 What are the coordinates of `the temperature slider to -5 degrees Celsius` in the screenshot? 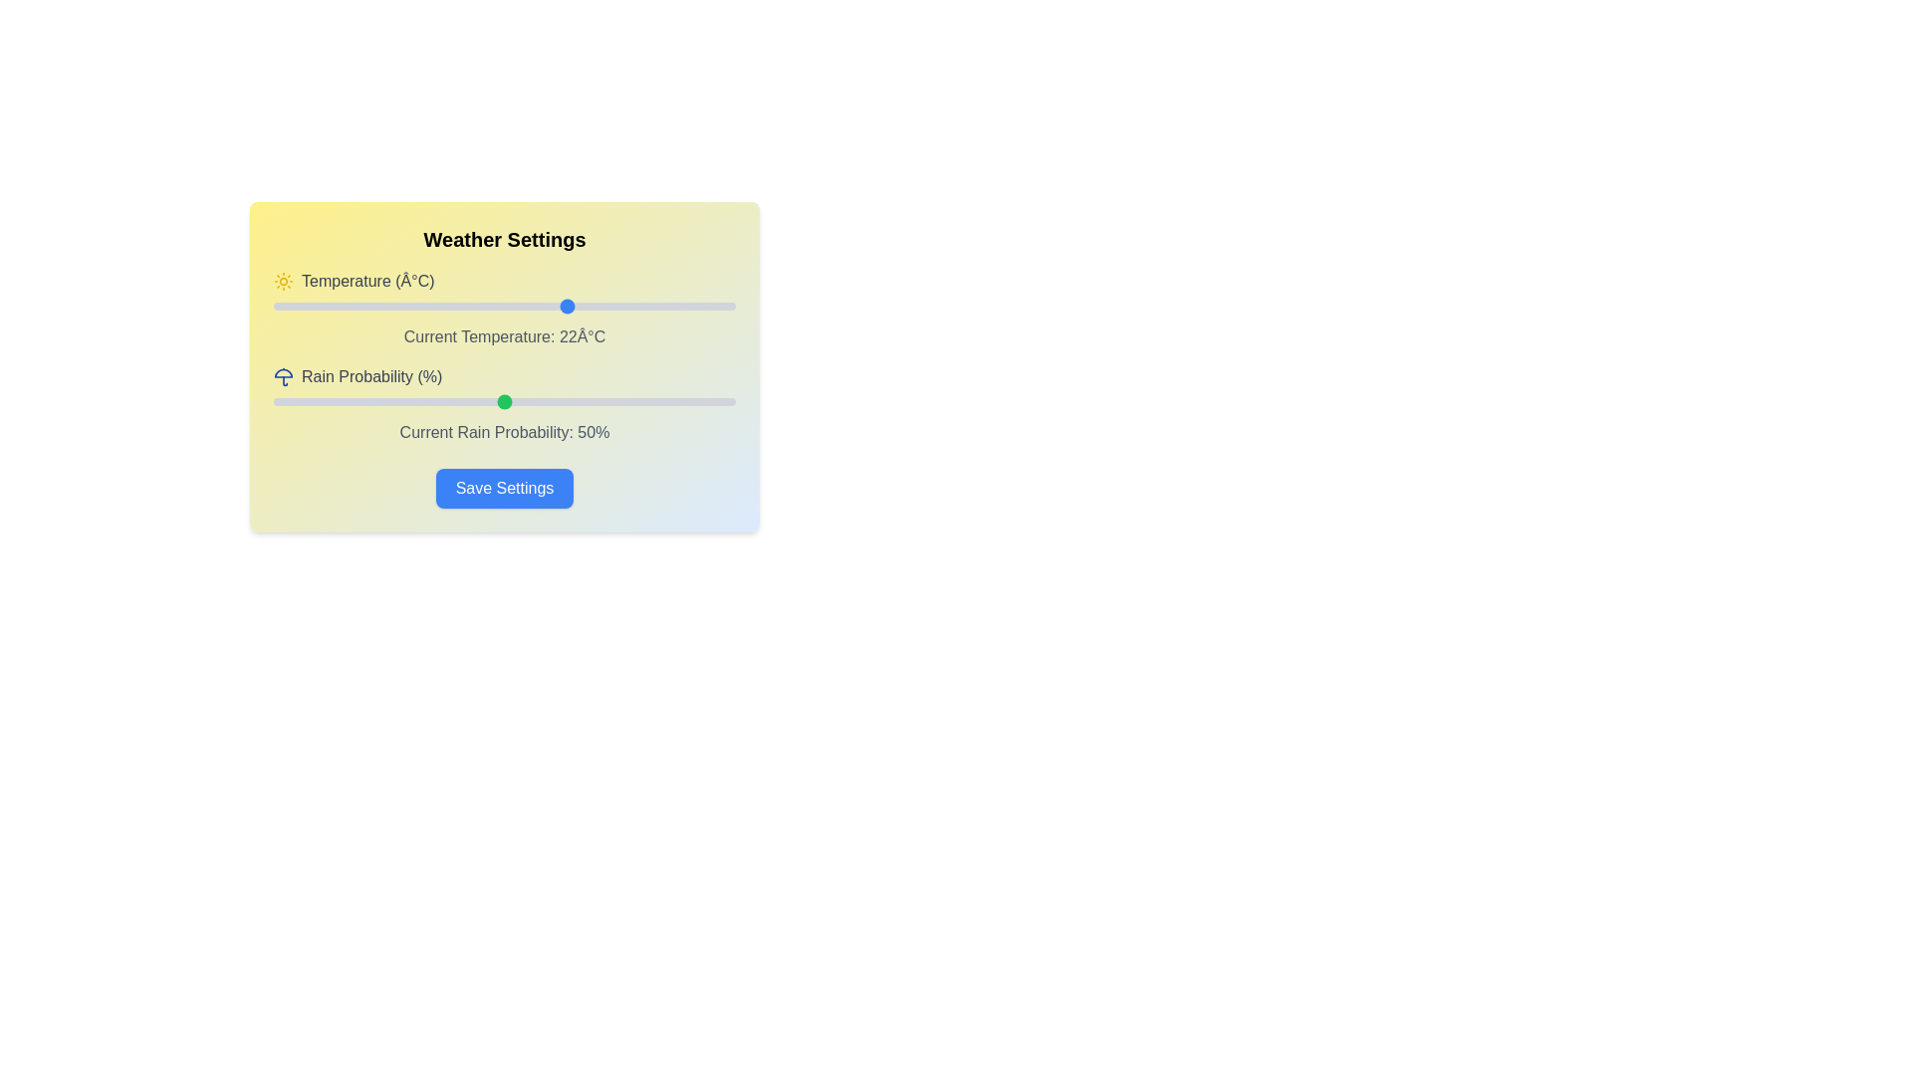 It's located at (320, 307).